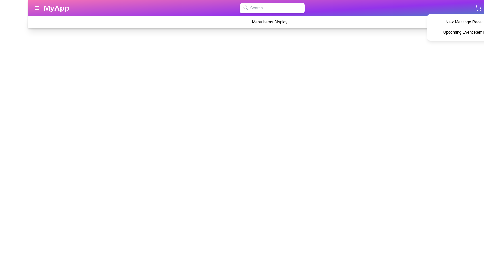 This screenshot has height=272, width=484. I want to click on the search icon to initiate a search action, so click(246, 8).